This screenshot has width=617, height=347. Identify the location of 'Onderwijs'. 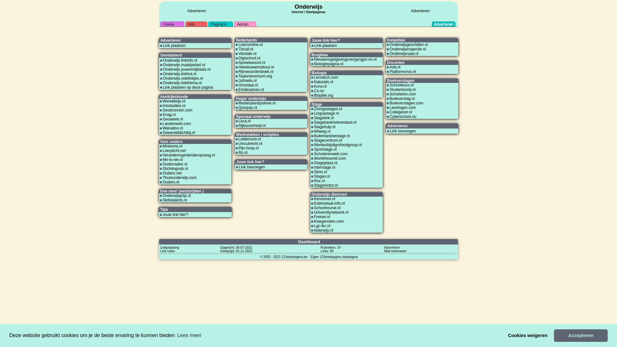
(294, 6).